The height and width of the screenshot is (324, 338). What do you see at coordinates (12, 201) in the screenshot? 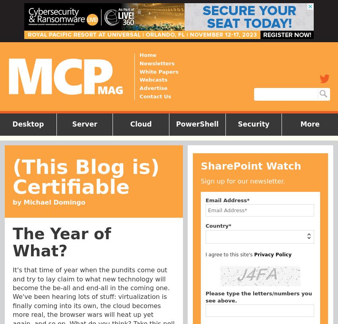
I see `'by Michael Domingo'` at bounding box center [12, 201].